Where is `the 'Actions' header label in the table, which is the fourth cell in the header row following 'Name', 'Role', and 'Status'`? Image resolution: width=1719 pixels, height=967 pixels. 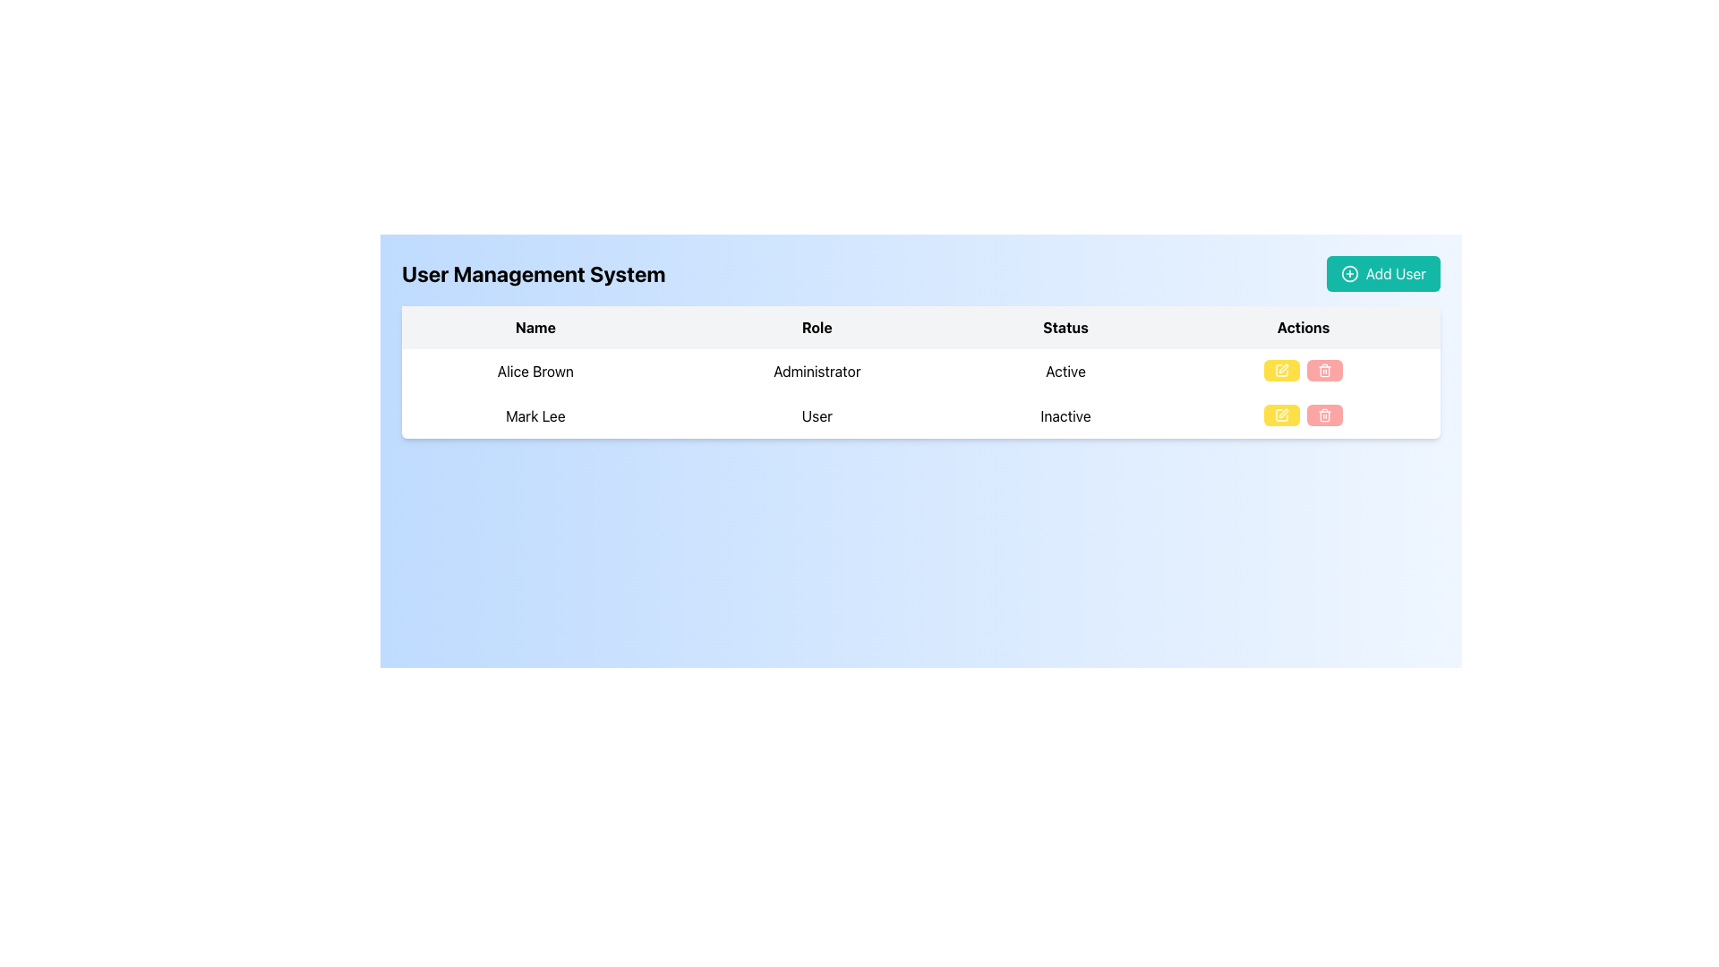
the 'Actions' header label in the table, which is the fourth cell in the header row following 'Name', 'Role', and 'Status' is located at coordinates (1303, 328).